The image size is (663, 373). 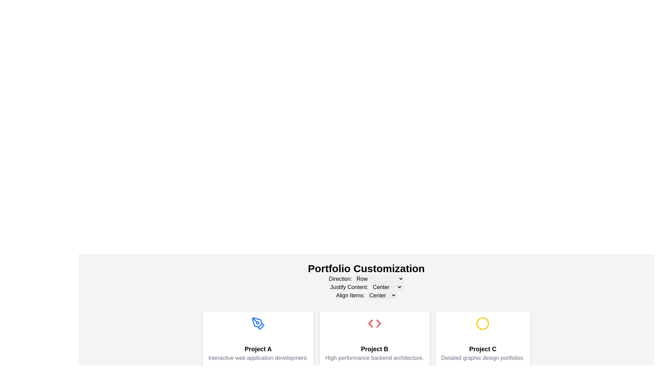 What do you see at coordinates (366, 287) in the screenshot?
I see `an option from the dropdown menu labeled 'Justify Content:' which displays options like 'Flex Start,' 'Center,' or 'Flex End.'` at bounding box center [366, 287].